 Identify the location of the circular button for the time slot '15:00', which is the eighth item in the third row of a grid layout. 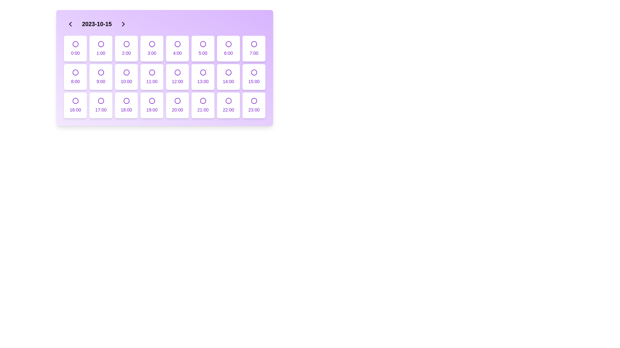
(253, 72).